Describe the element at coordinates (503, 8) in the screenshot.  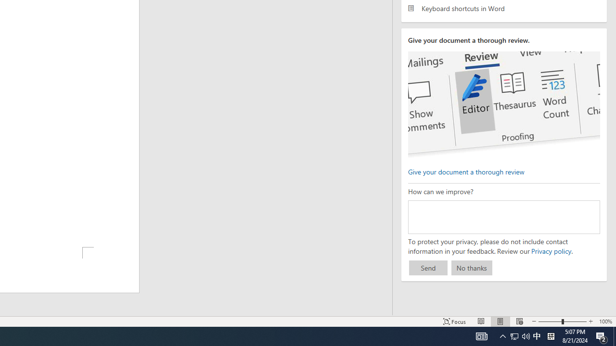
I see `'Keyboard shortcuts in Word'` at that location.